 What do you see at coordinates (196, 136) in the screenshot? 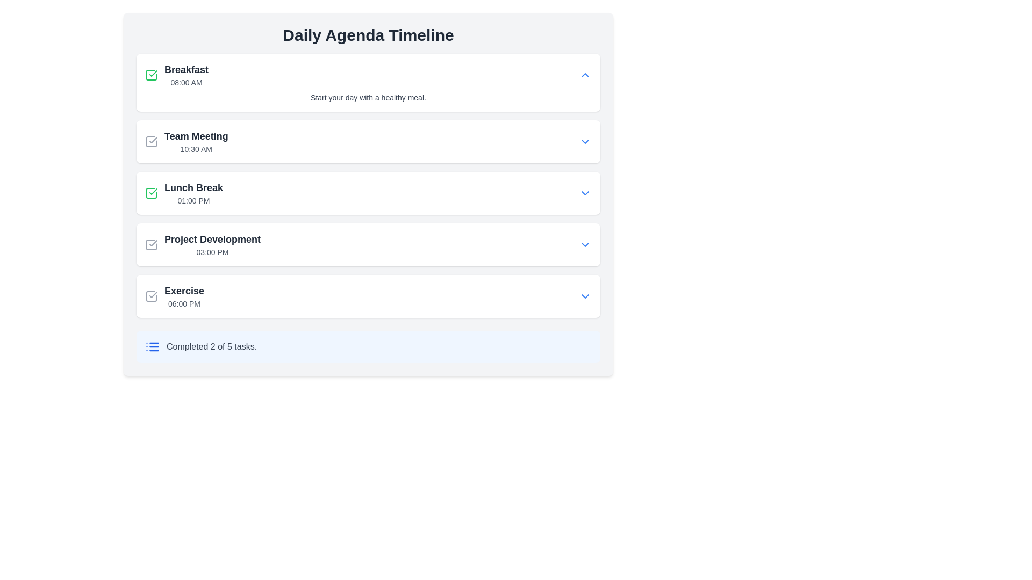
I see `the Text label that serves as the title for the 'Team Meeting' agenda item, positioned between 'Breakfast' and 'Lunch Break'` at bounding box center [196, 136].